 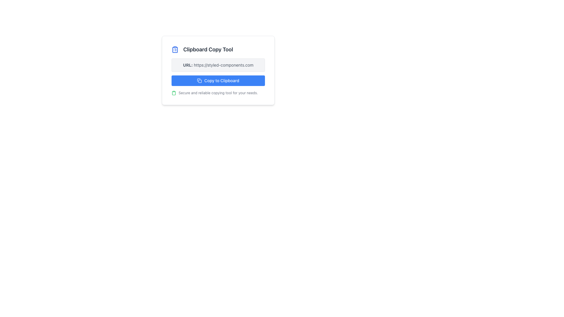 What do you see at coordinates (223, 65) in the screenshot?
I see `the text element displaying the URL 'https://styled-components.com', which is positioned next to the label 'URL:' on a light gray background` at bounding box center [223, 65].